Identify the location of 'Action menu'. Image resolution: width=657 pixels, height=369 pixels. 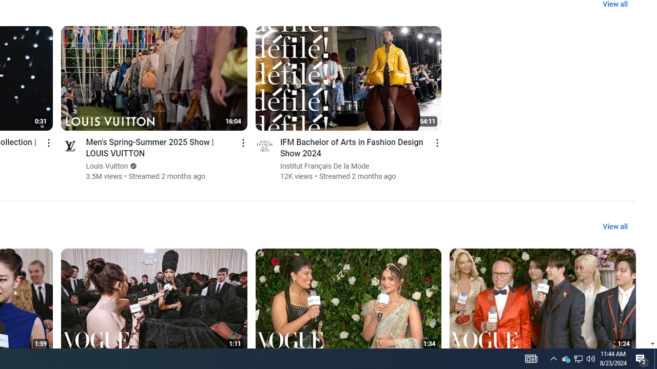
(437, 142).